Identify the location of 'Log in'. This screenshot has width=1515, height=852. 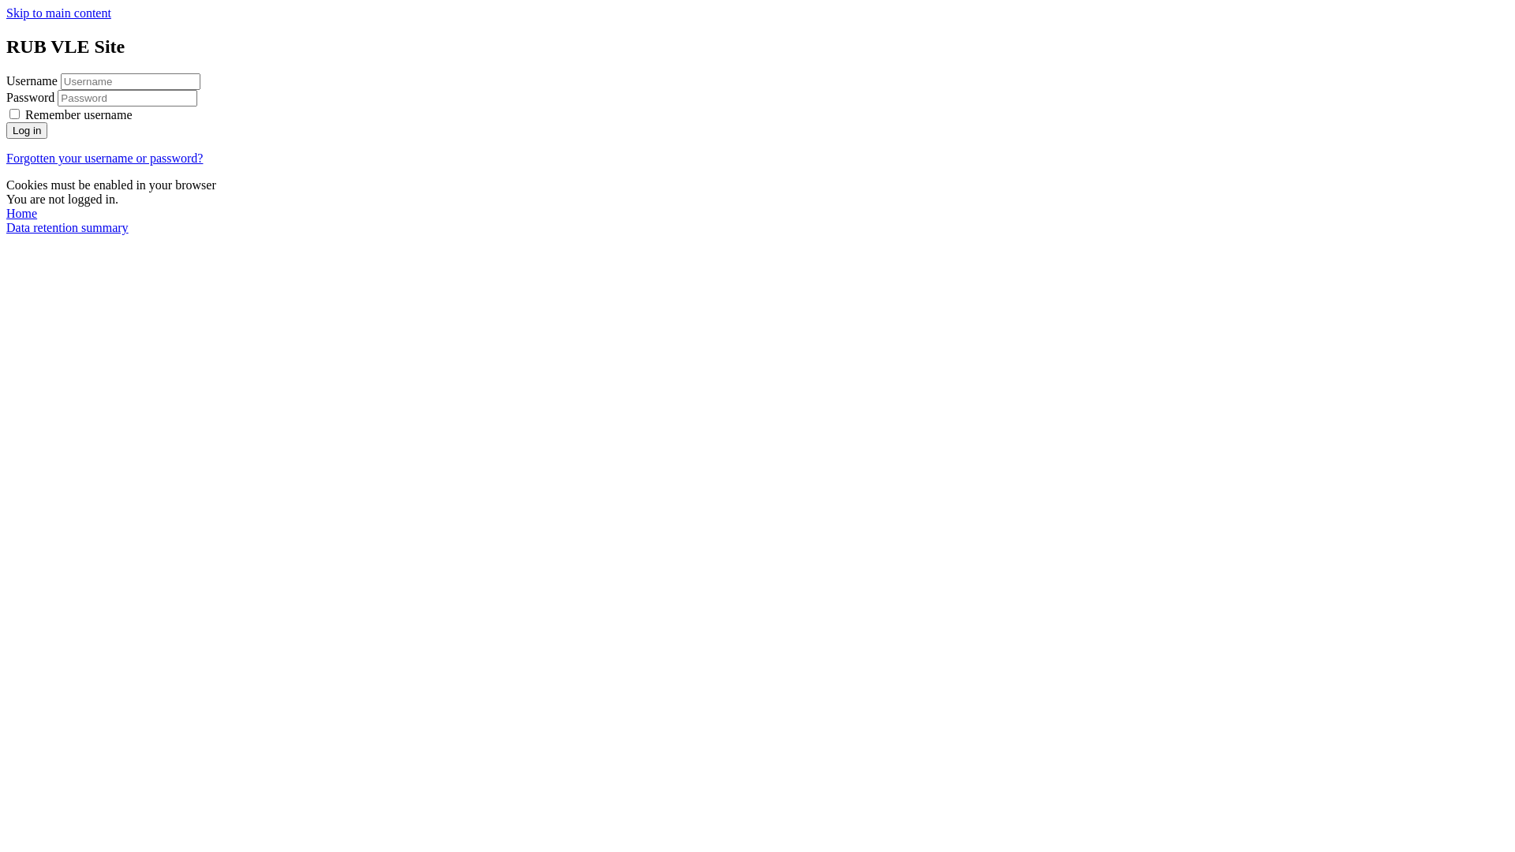
(26, 129).